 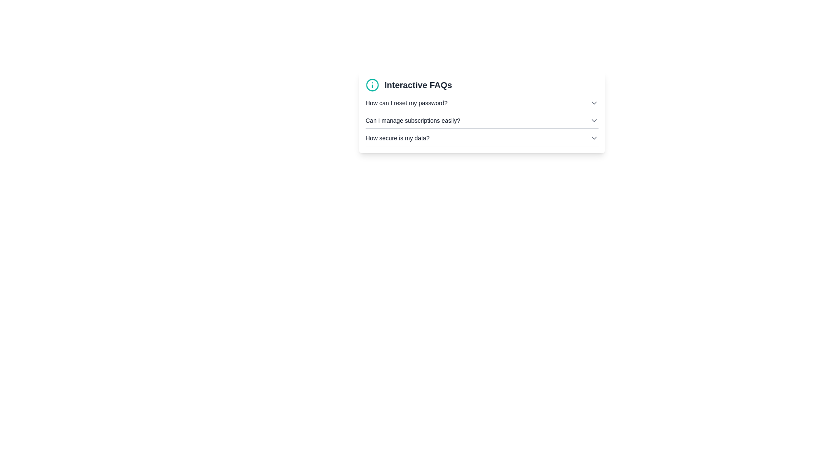 I want to click on the second Toggleable FAQ item, which expands or collapses additional details related to the question, so click(x=482, y=122).